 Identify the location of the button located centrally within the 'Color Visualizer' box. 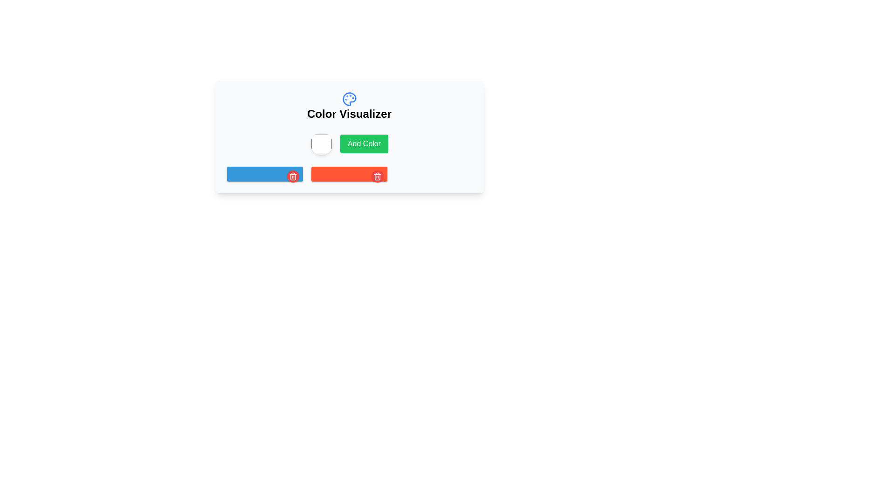
(349, 143).